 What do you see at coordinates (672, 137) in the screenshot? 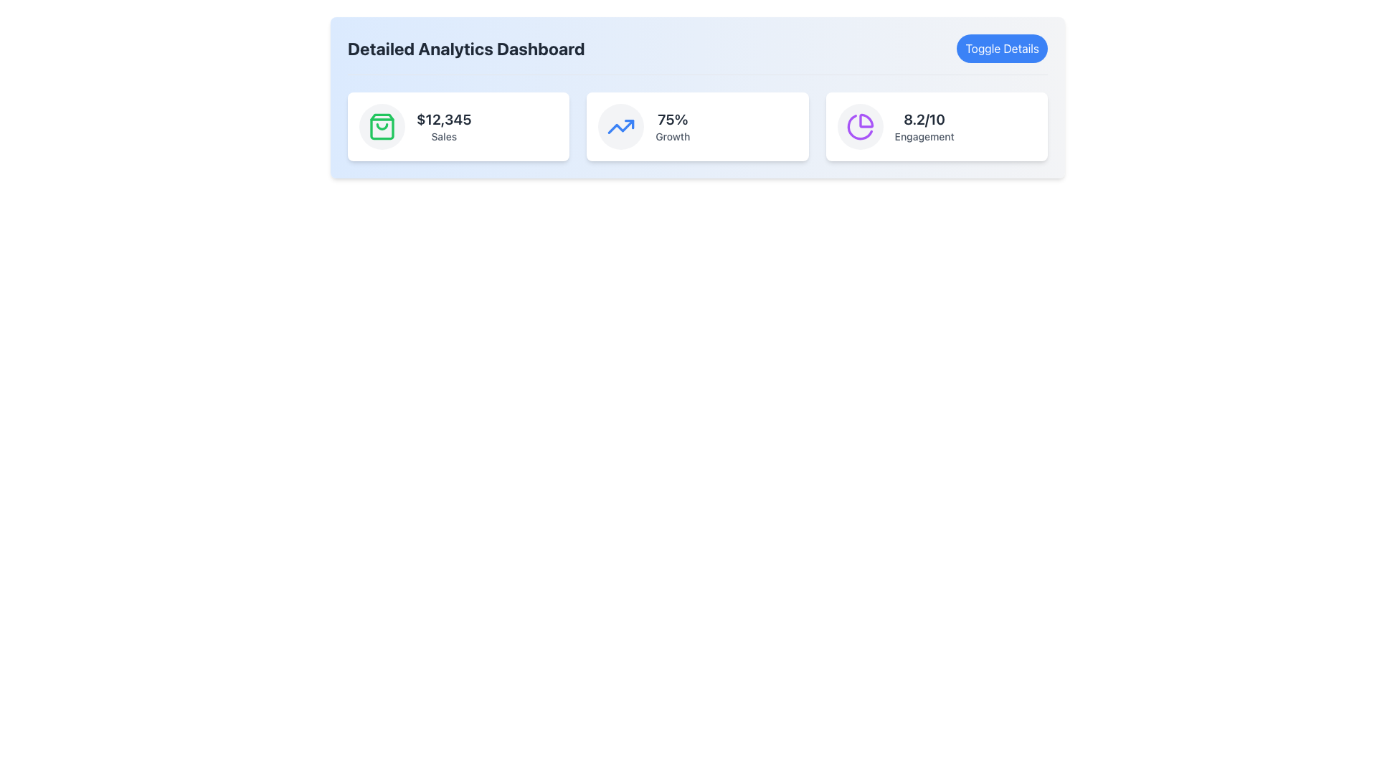
I see `the descriptive text label located below the '75%' percentage value in the second card of the dashboard interface` at bounding box center [672, 137].